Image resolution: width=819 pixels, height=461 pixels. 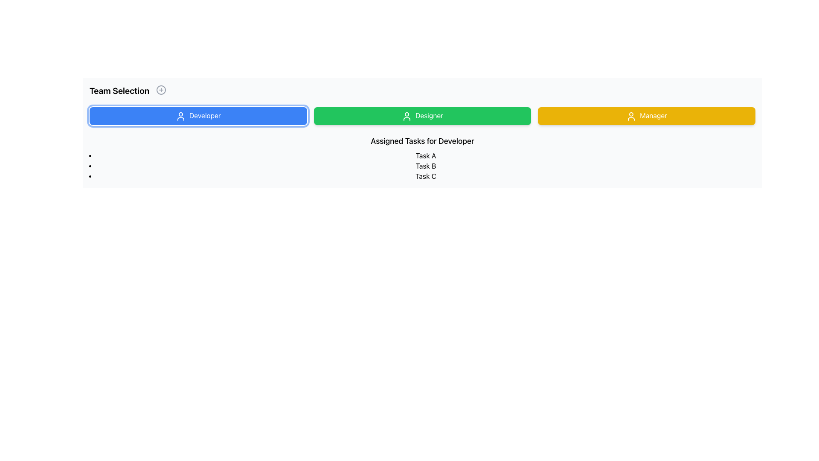 I want to click on the text element labeled 'Task A' which is the first item in a bulleted list under the header 'Assigned Tasks for Developer', so click(x=426, y=155).